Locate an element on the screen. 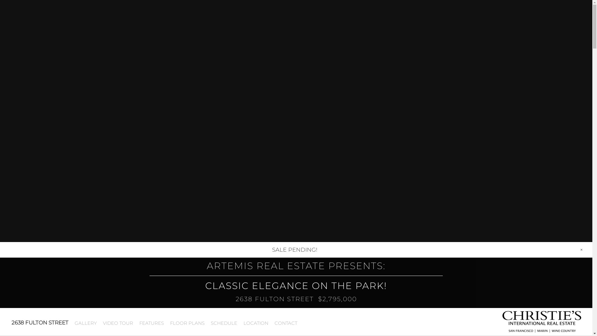 This screenshot has width=597, height=336. 'VIDEO TOUR' is located at coordinates (99, 323).